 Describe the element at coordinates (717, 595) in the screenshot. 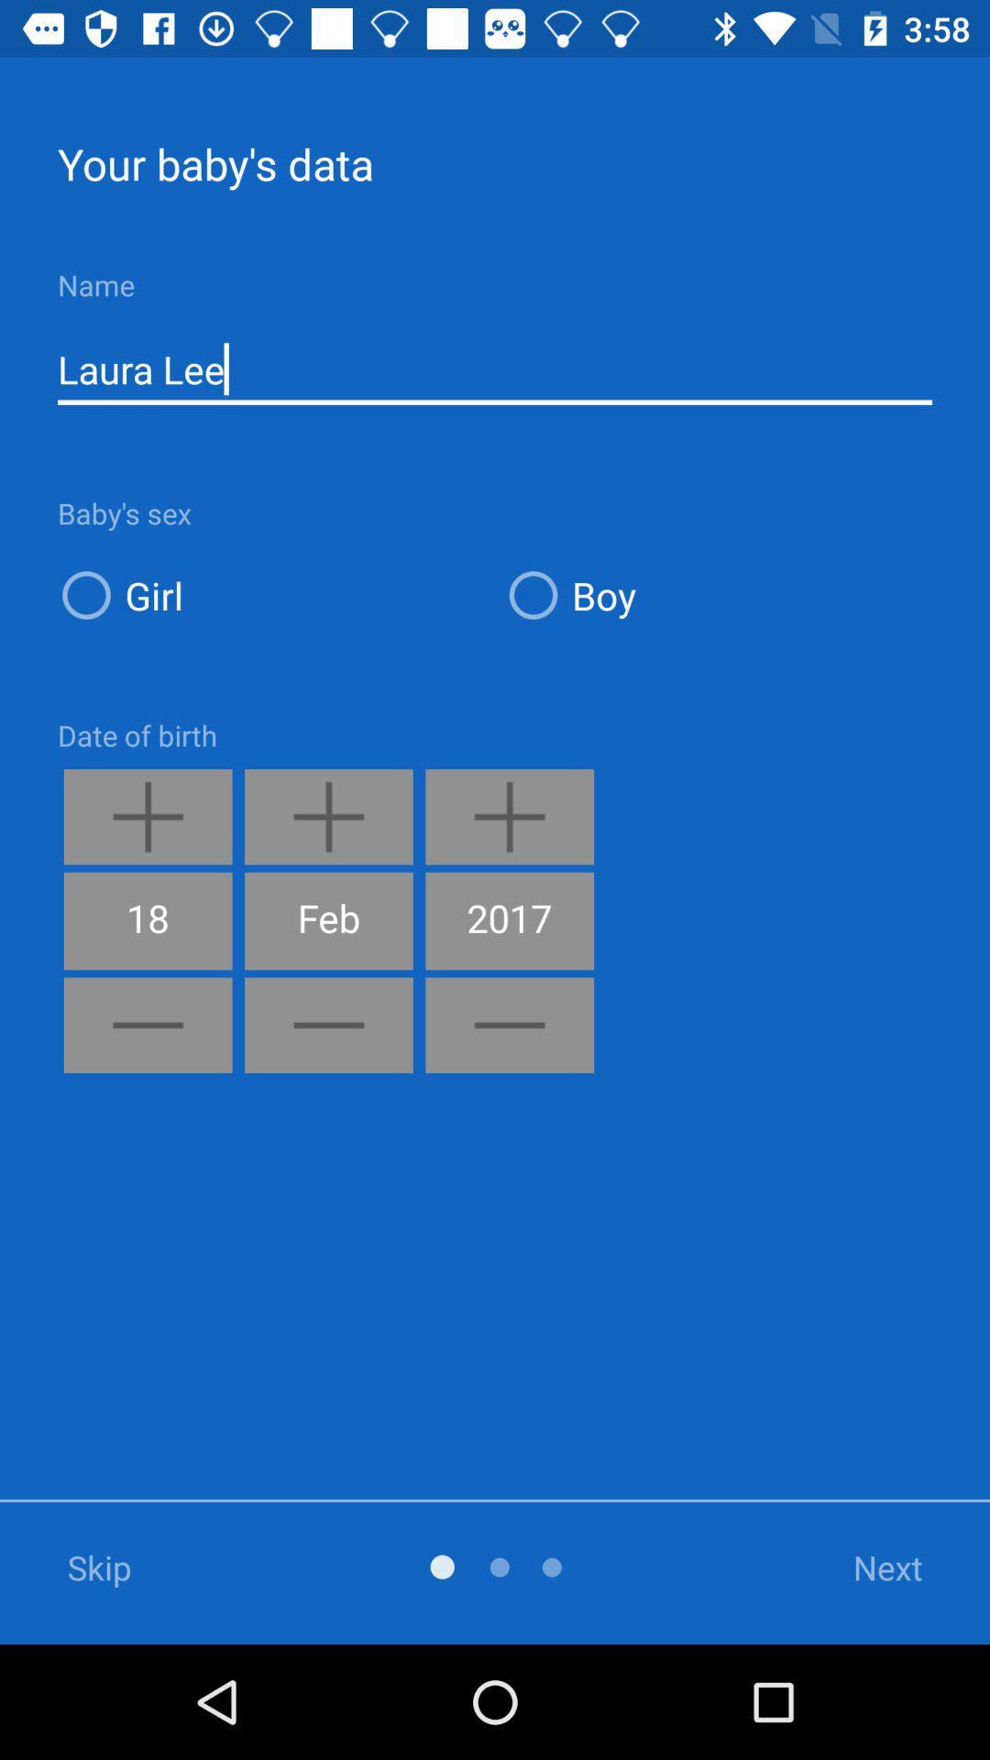

I see `the icon on the right` at that location.